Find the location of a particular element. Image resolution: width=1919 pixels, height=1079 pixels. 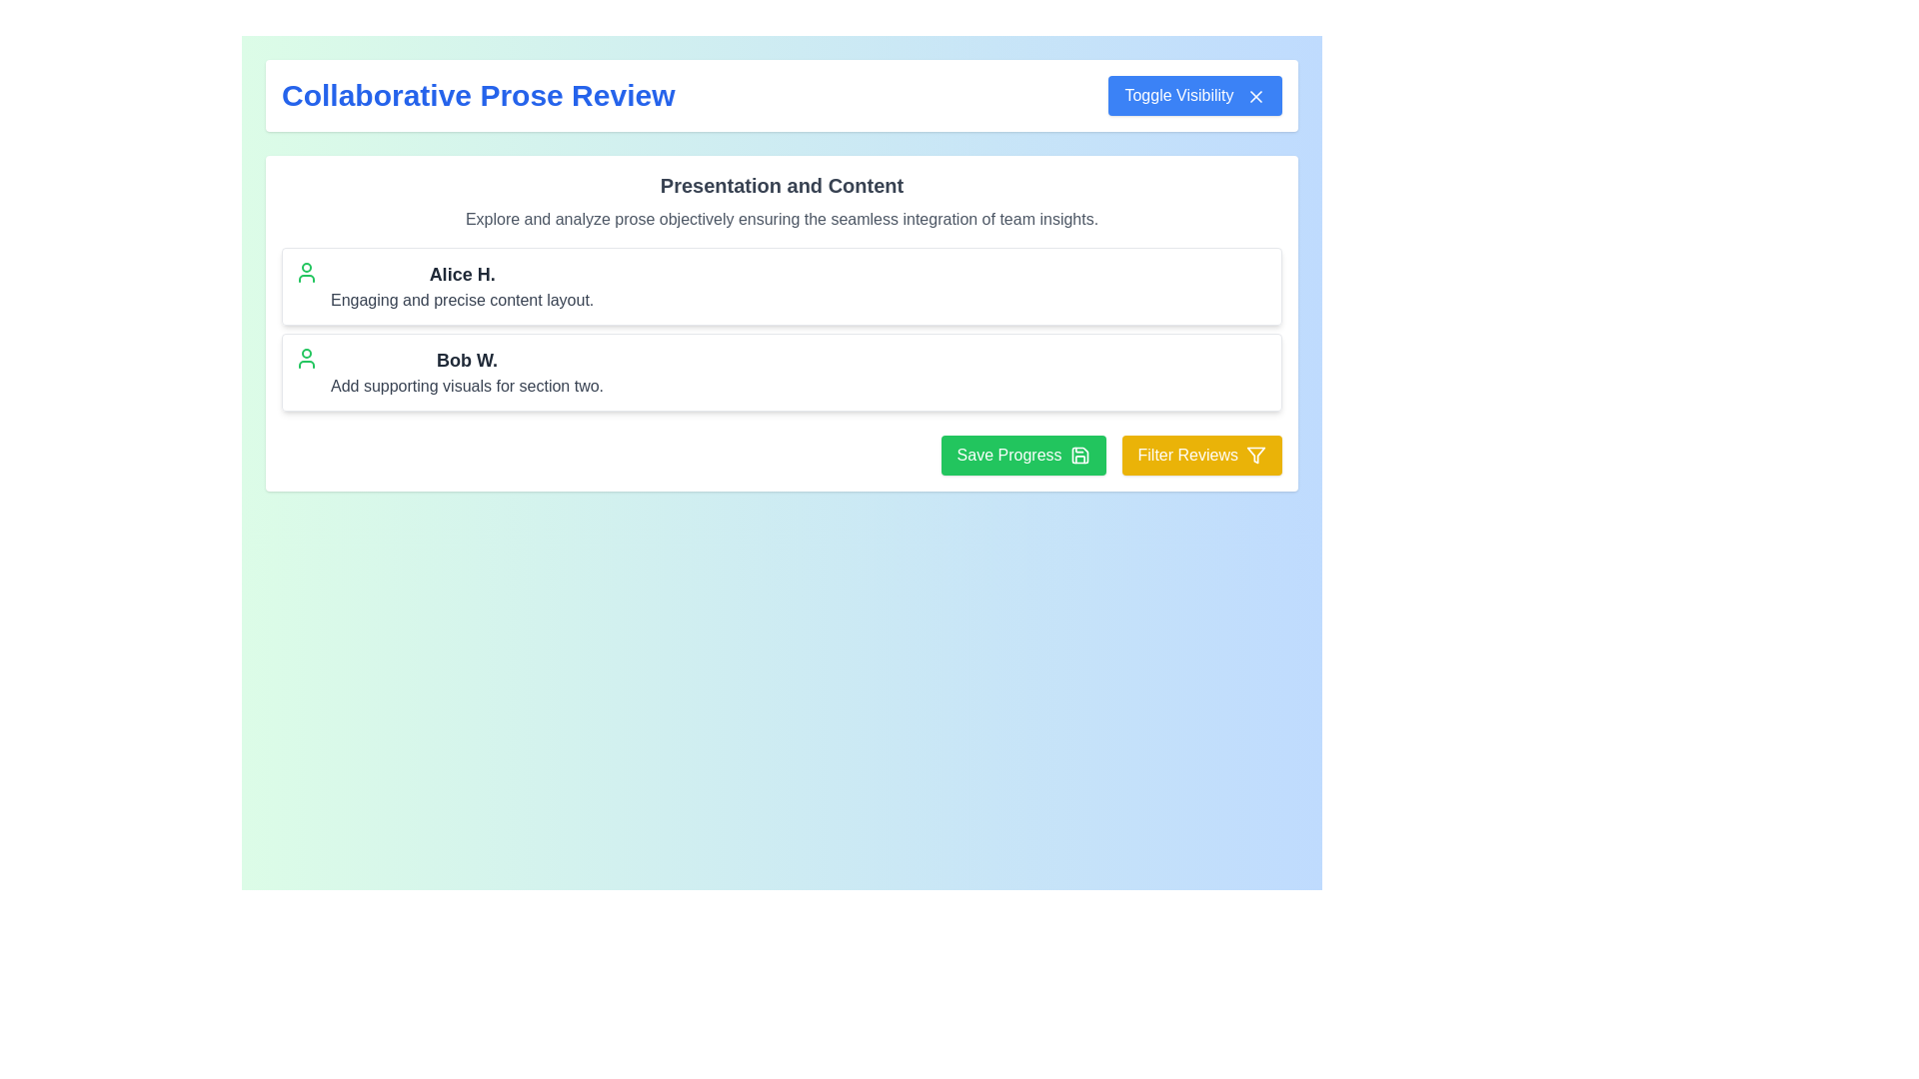

the diagonal cross-shaped icon located adjacent to the 'Toggle Visibility' button is located at coordinates (1255, 96).